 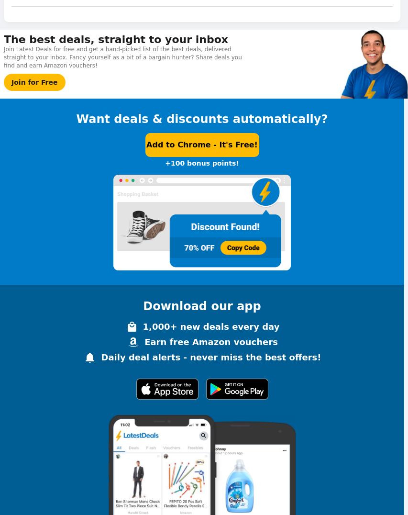 I want to click on '1,000+ new deals every day', so click(x=211, y=326).